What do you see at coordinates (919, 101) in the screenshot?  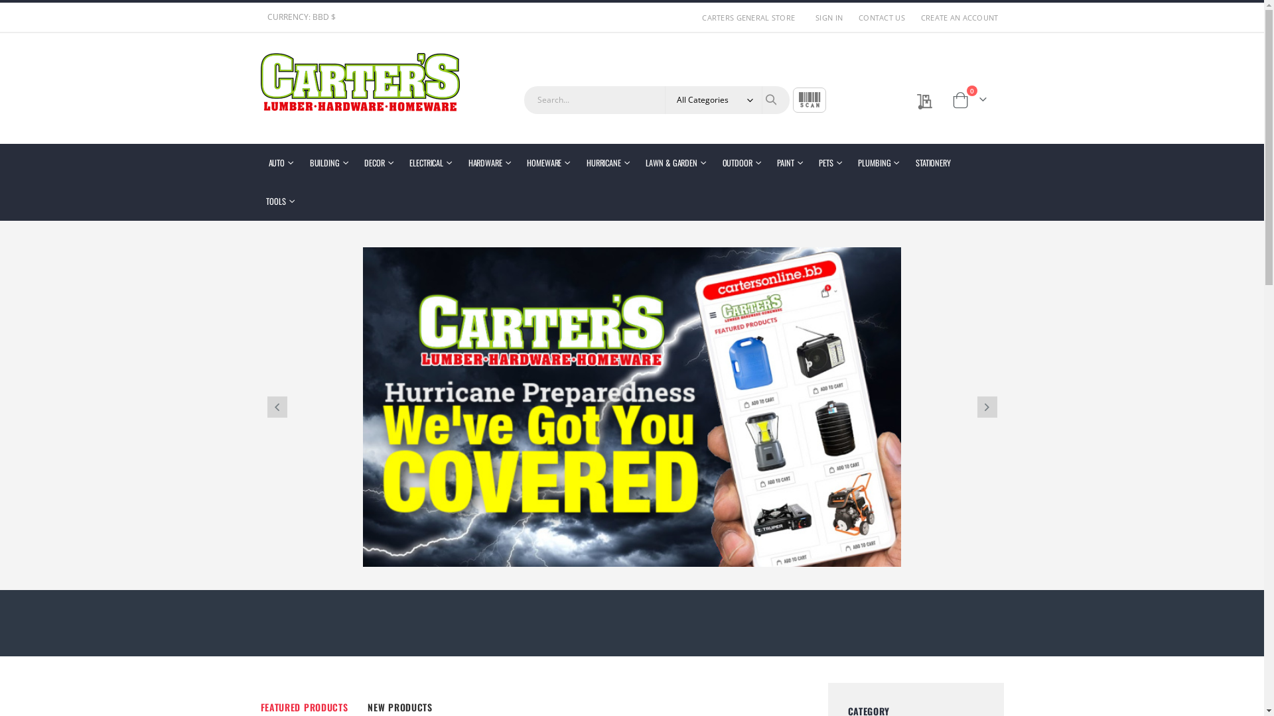 I see `'My Quote'` at bounding box center [919, 101].